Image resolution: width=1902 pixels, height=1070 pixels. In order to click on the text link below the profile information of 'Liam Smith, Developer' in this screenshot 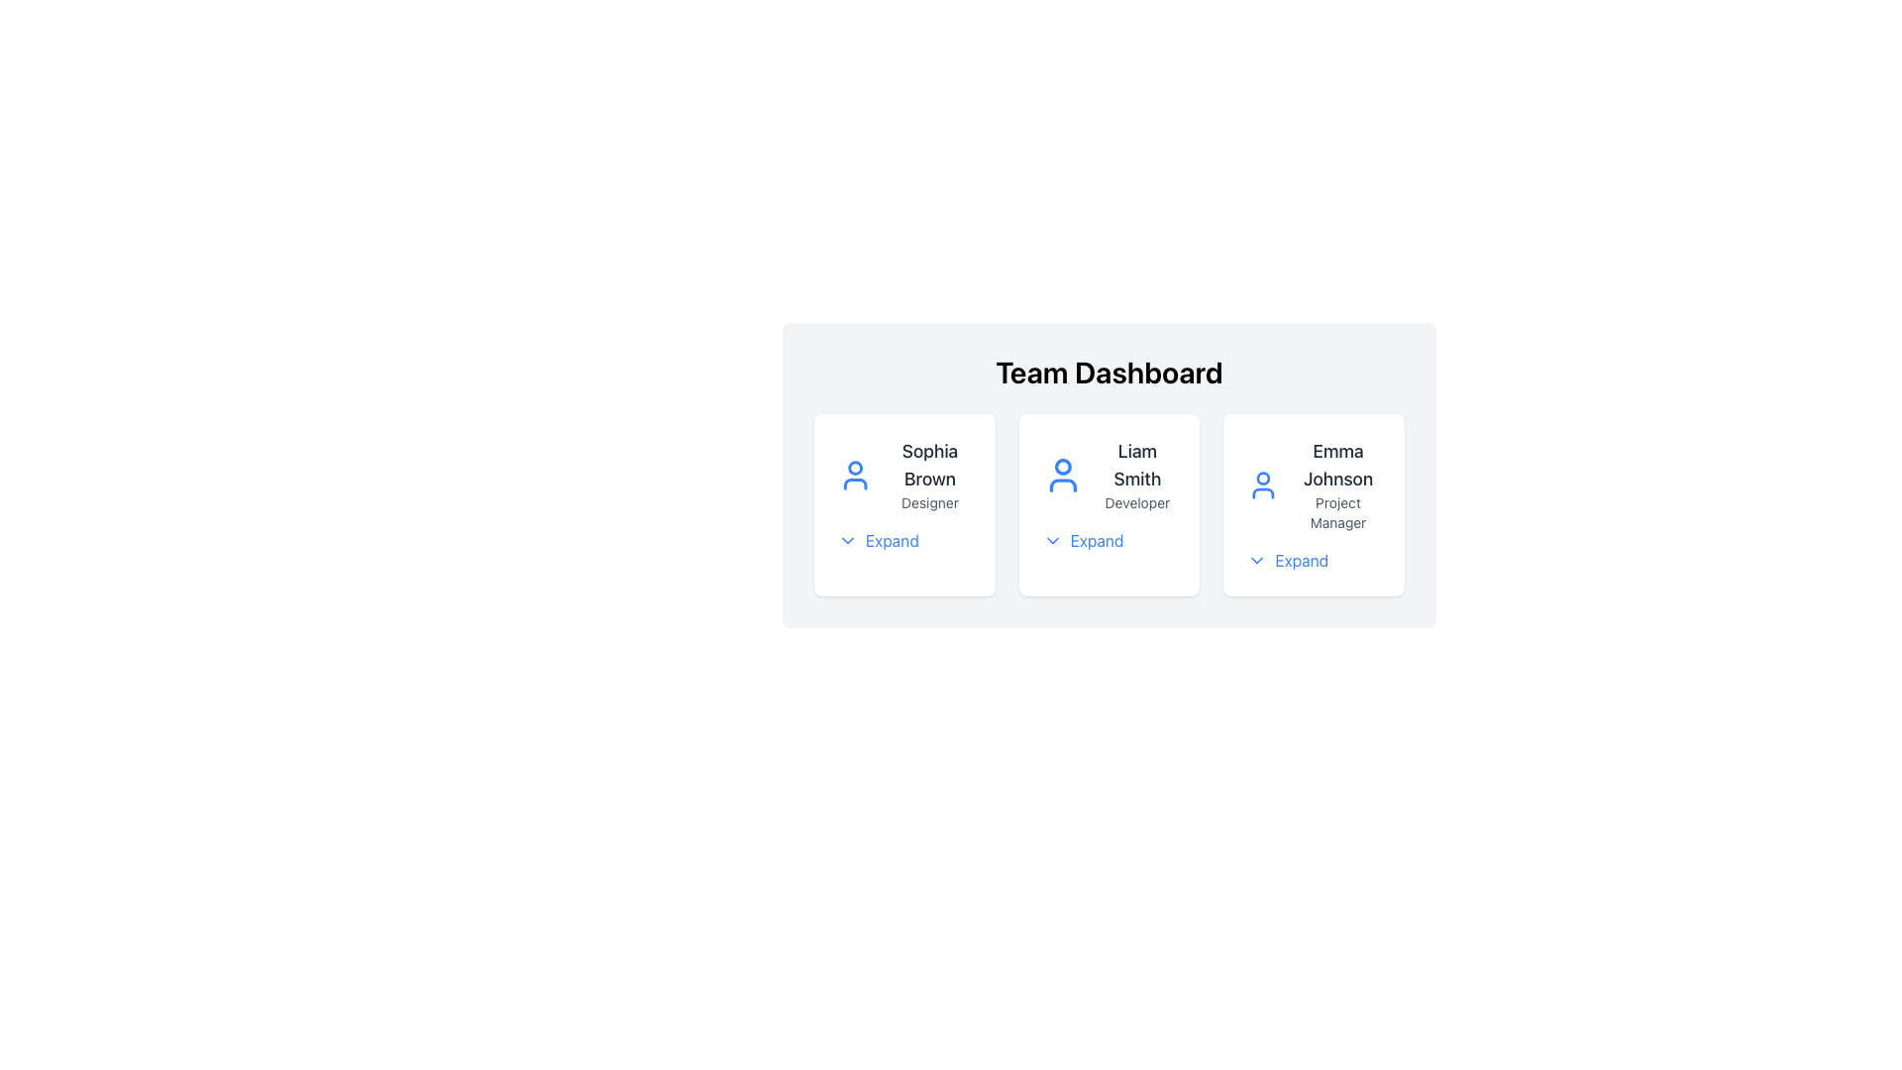, I will do `click(1096, 541)`.